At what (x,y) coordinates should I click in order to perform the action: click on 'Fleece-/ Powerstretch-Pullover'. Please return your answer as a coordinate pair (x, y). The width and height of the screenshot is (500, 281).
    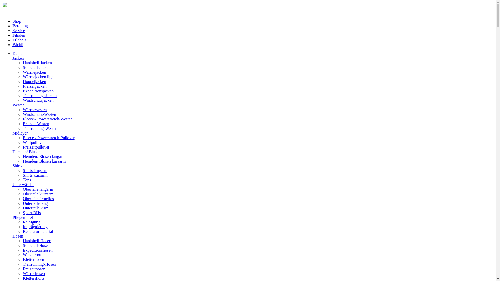
    Looking at the image, I should click on (49, 137).